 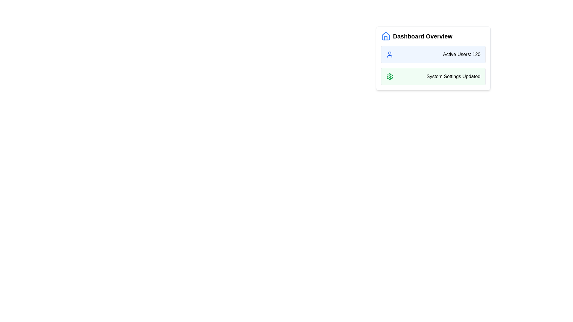 I want to click on status message displayed as 'System Settings Updated' within the green-tinted rectangular section, which signifies success or confirmation, so click(x=453, y=76).